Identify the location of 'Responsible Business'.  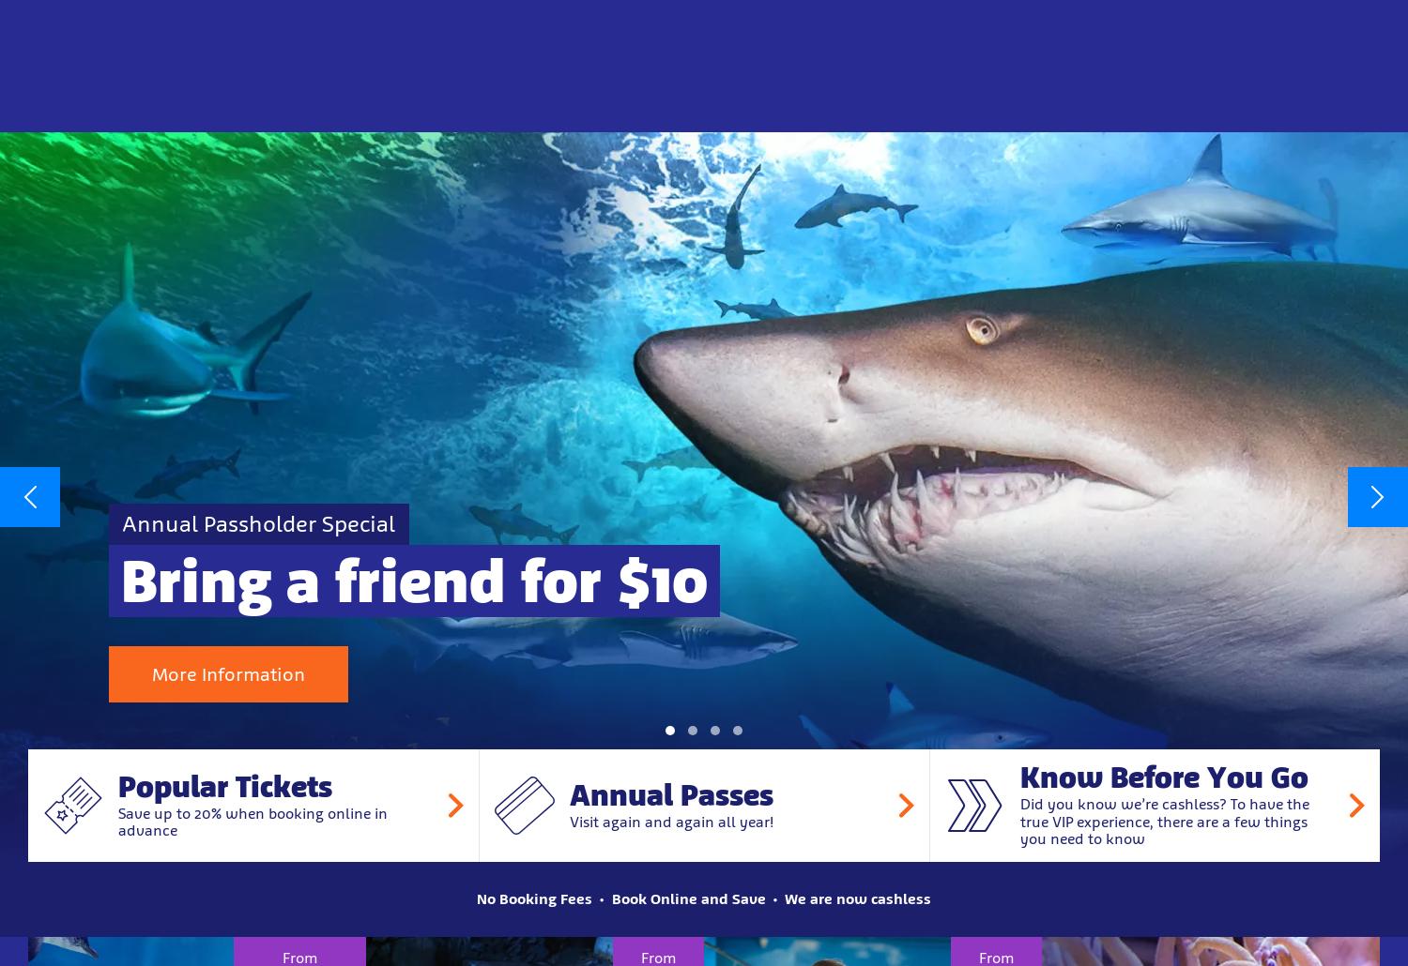
(1180, 18).